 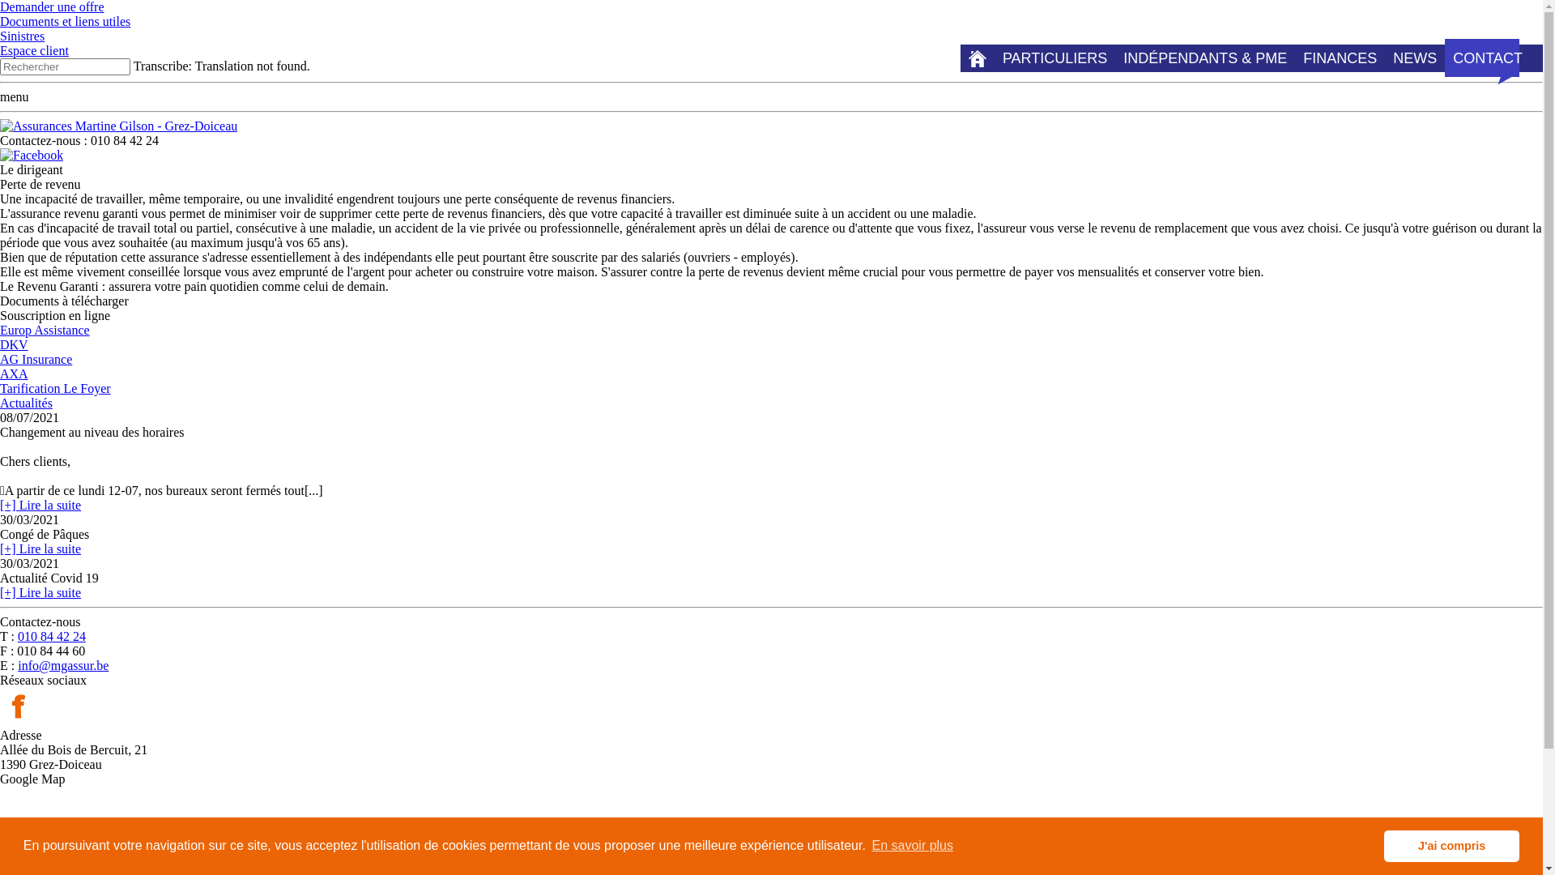 I want to click on 'Assurances Martine Gilson - Grez-Doiceau ', so click(x=117, y=125).